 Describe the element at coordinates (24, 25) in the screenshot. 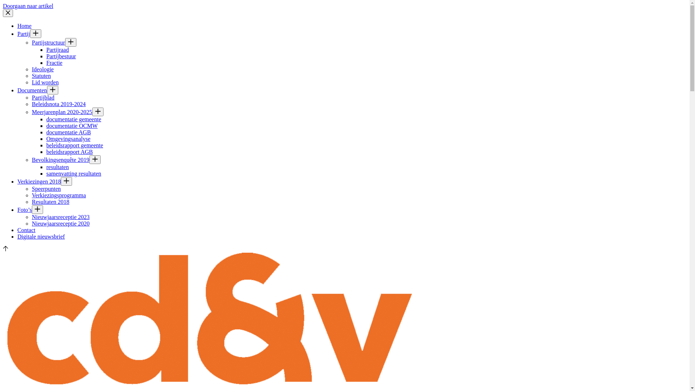

I see `'Home'` at that location.